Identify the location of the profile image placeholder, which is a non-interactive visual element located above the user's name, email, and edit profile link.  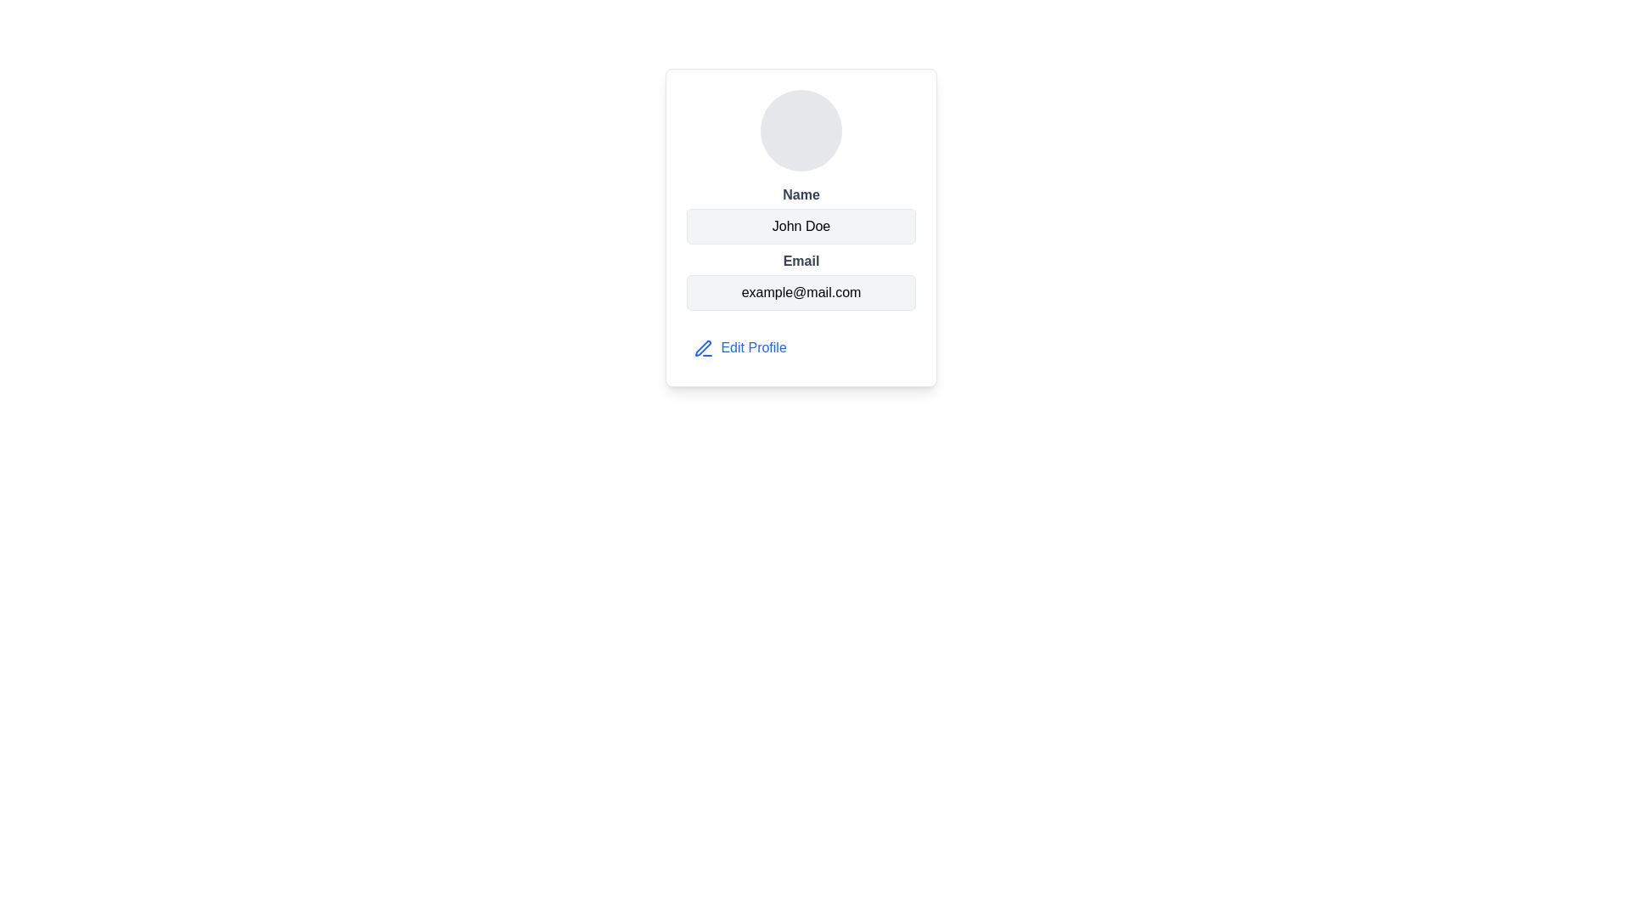
(801, 130).